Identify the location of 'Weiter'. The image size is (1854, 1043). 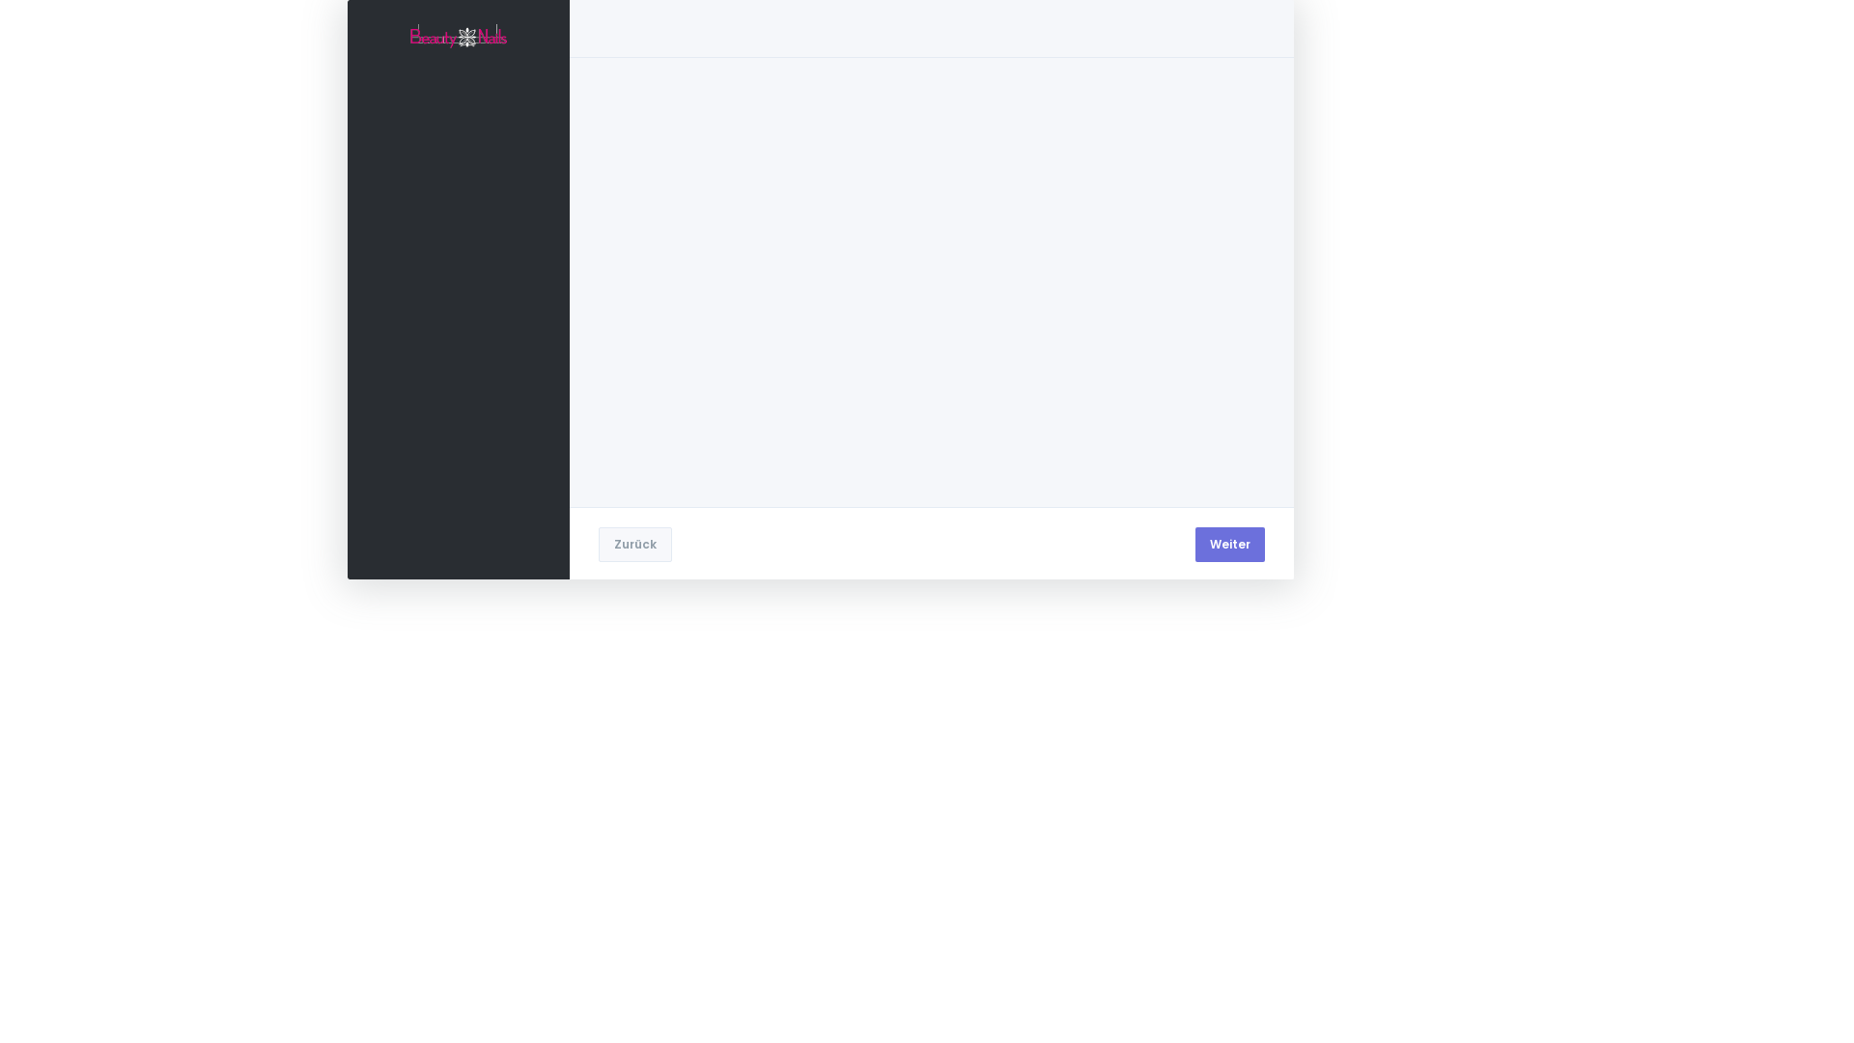
(1194, 544).